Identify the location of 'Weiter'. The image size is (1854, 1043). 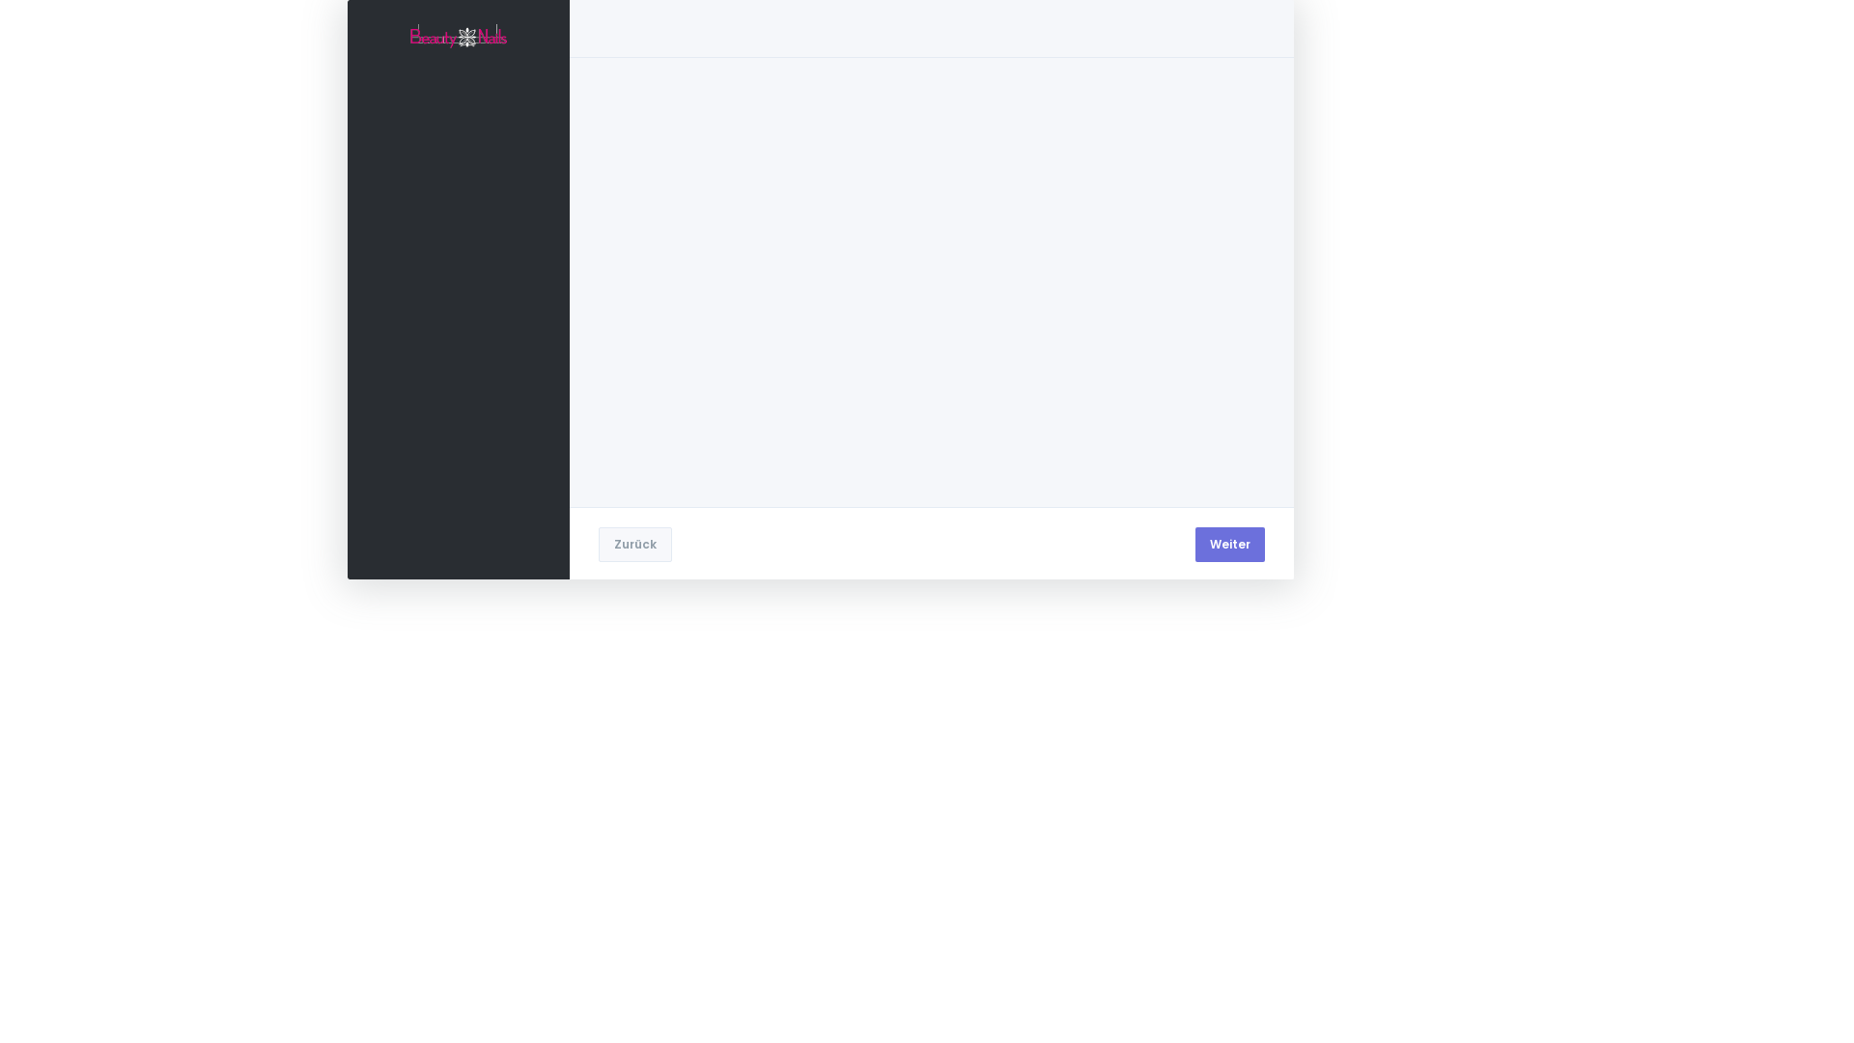
(1194, 544).